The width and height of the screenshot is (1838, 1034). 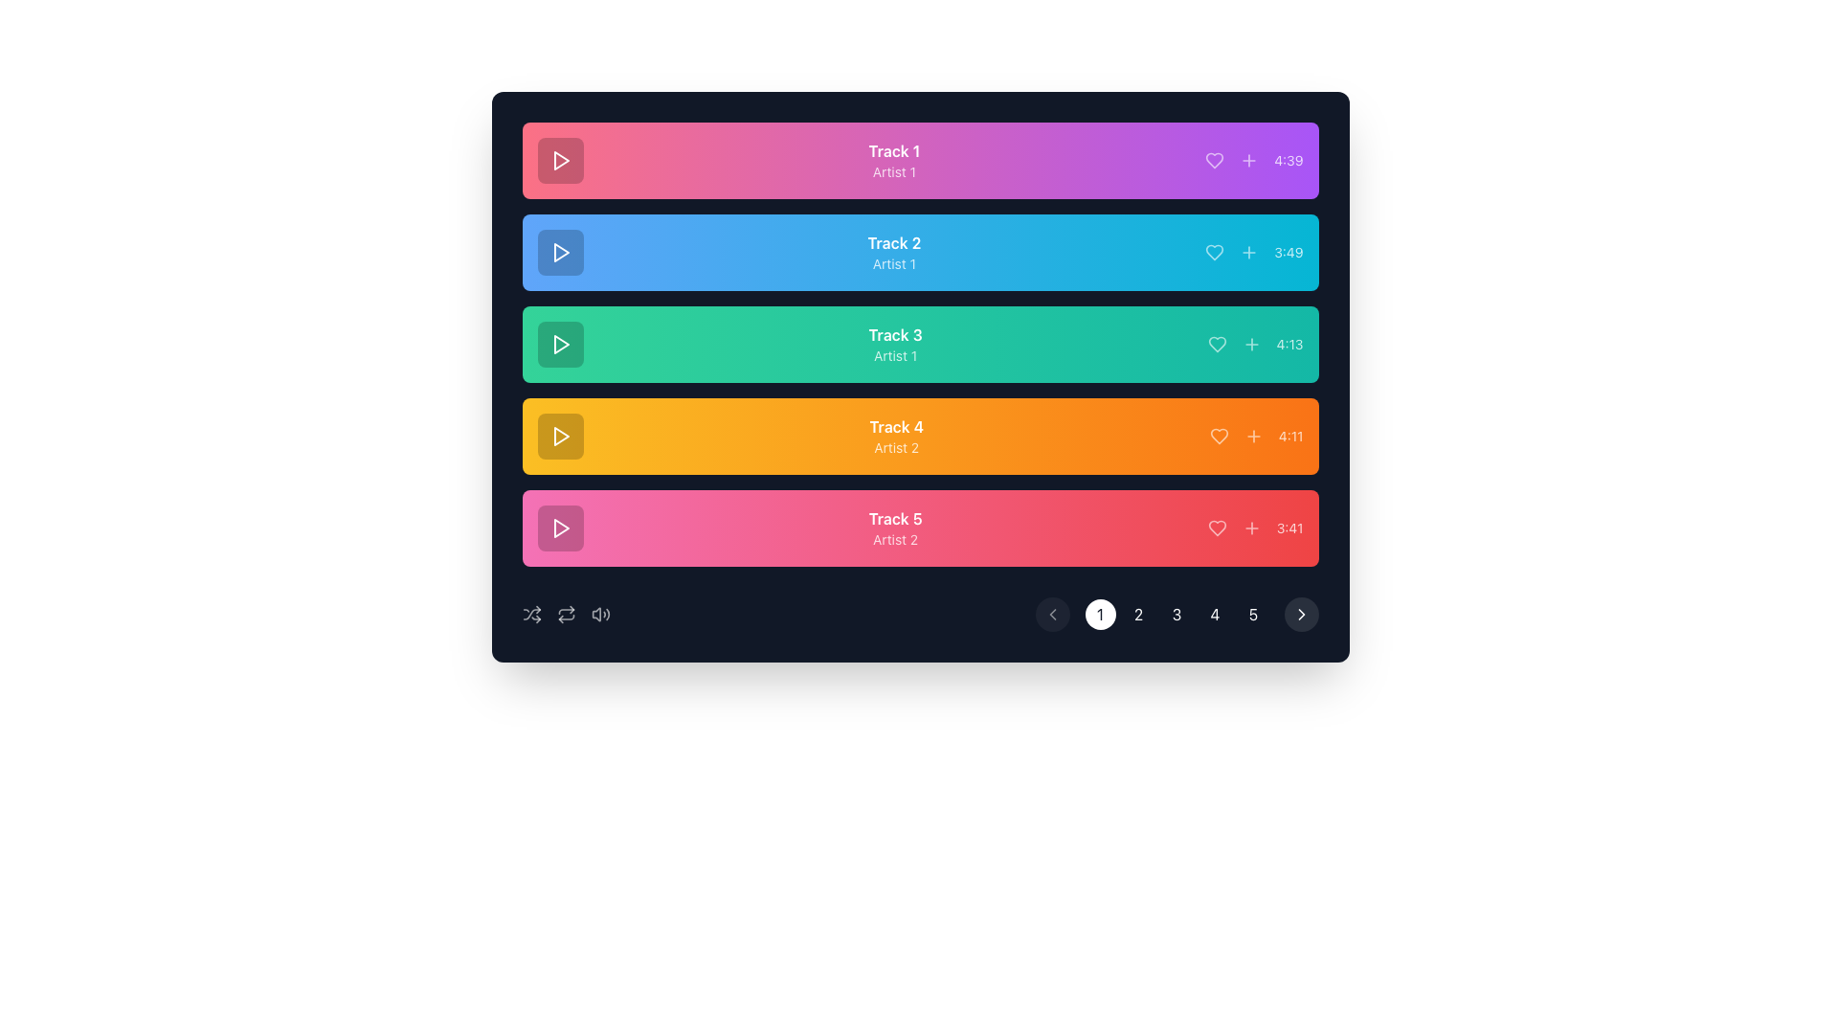 What do you see at coordinates (1289, 343) in the screenshot?
I see `static label displaying '4:13' located on the far-right side of the third row, styled with a small font size and slightly translucent white color against a green background` at bounding box center [1289, 343].